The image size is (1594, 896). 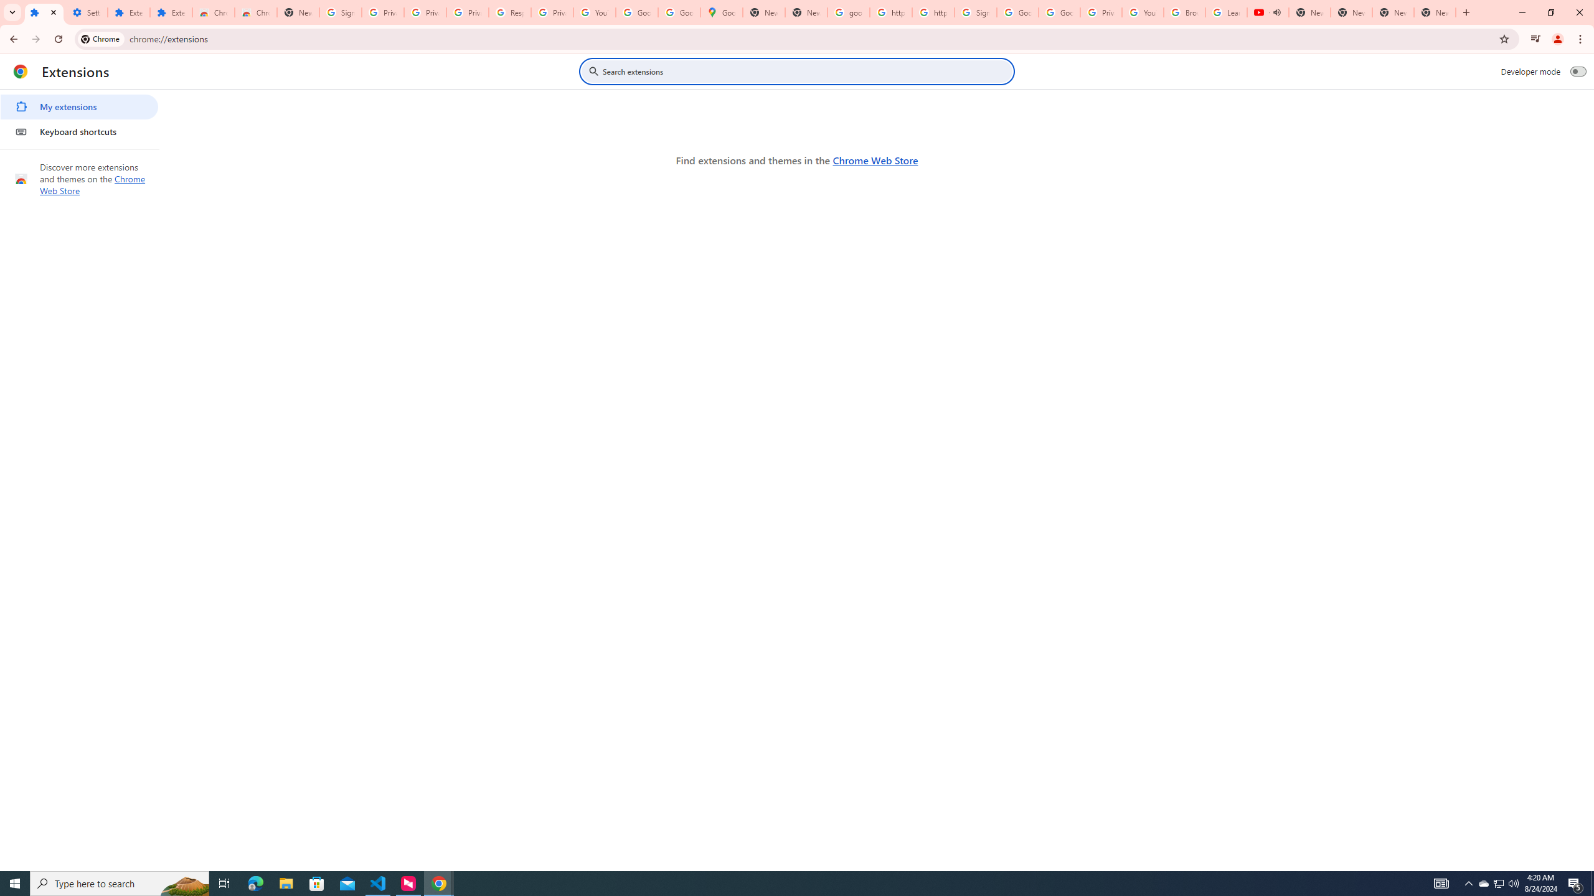 What do you see at coordinates (78, 107) in the screenshot?
I see `'My extensions'` at bounding box center [78, 107].